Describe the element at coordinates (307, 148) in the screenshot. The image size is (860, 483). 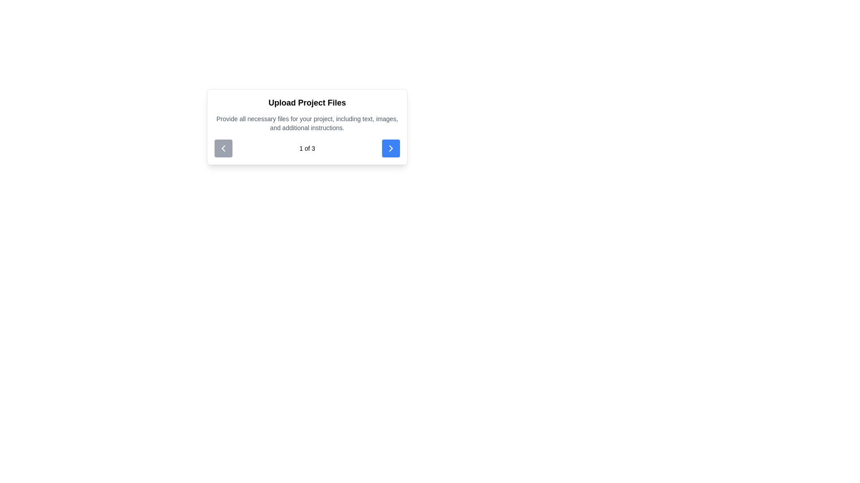
I see `the Text Indicator that displays the user's current position in the pagination context (e.g., 'Page 1 of 3') within the 'Upload Project Files' card` at that location.